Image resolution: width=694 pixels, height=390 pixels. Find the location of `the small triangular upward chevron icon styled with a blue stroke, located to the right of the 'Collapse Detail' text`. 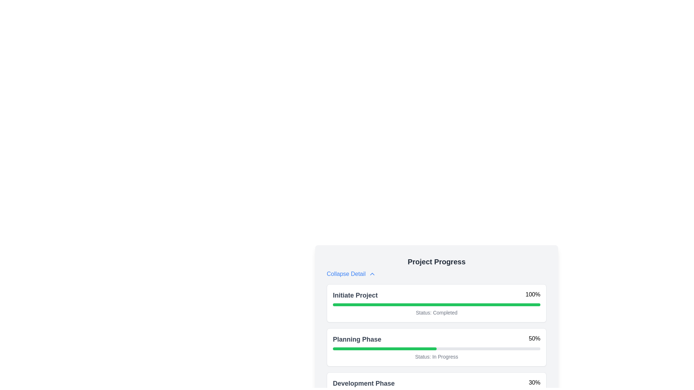

the small triangular upward chevron icon styled with a blue stroke, located to the right of the 'Collapse Detail' text is located at coordinates (372, 274).